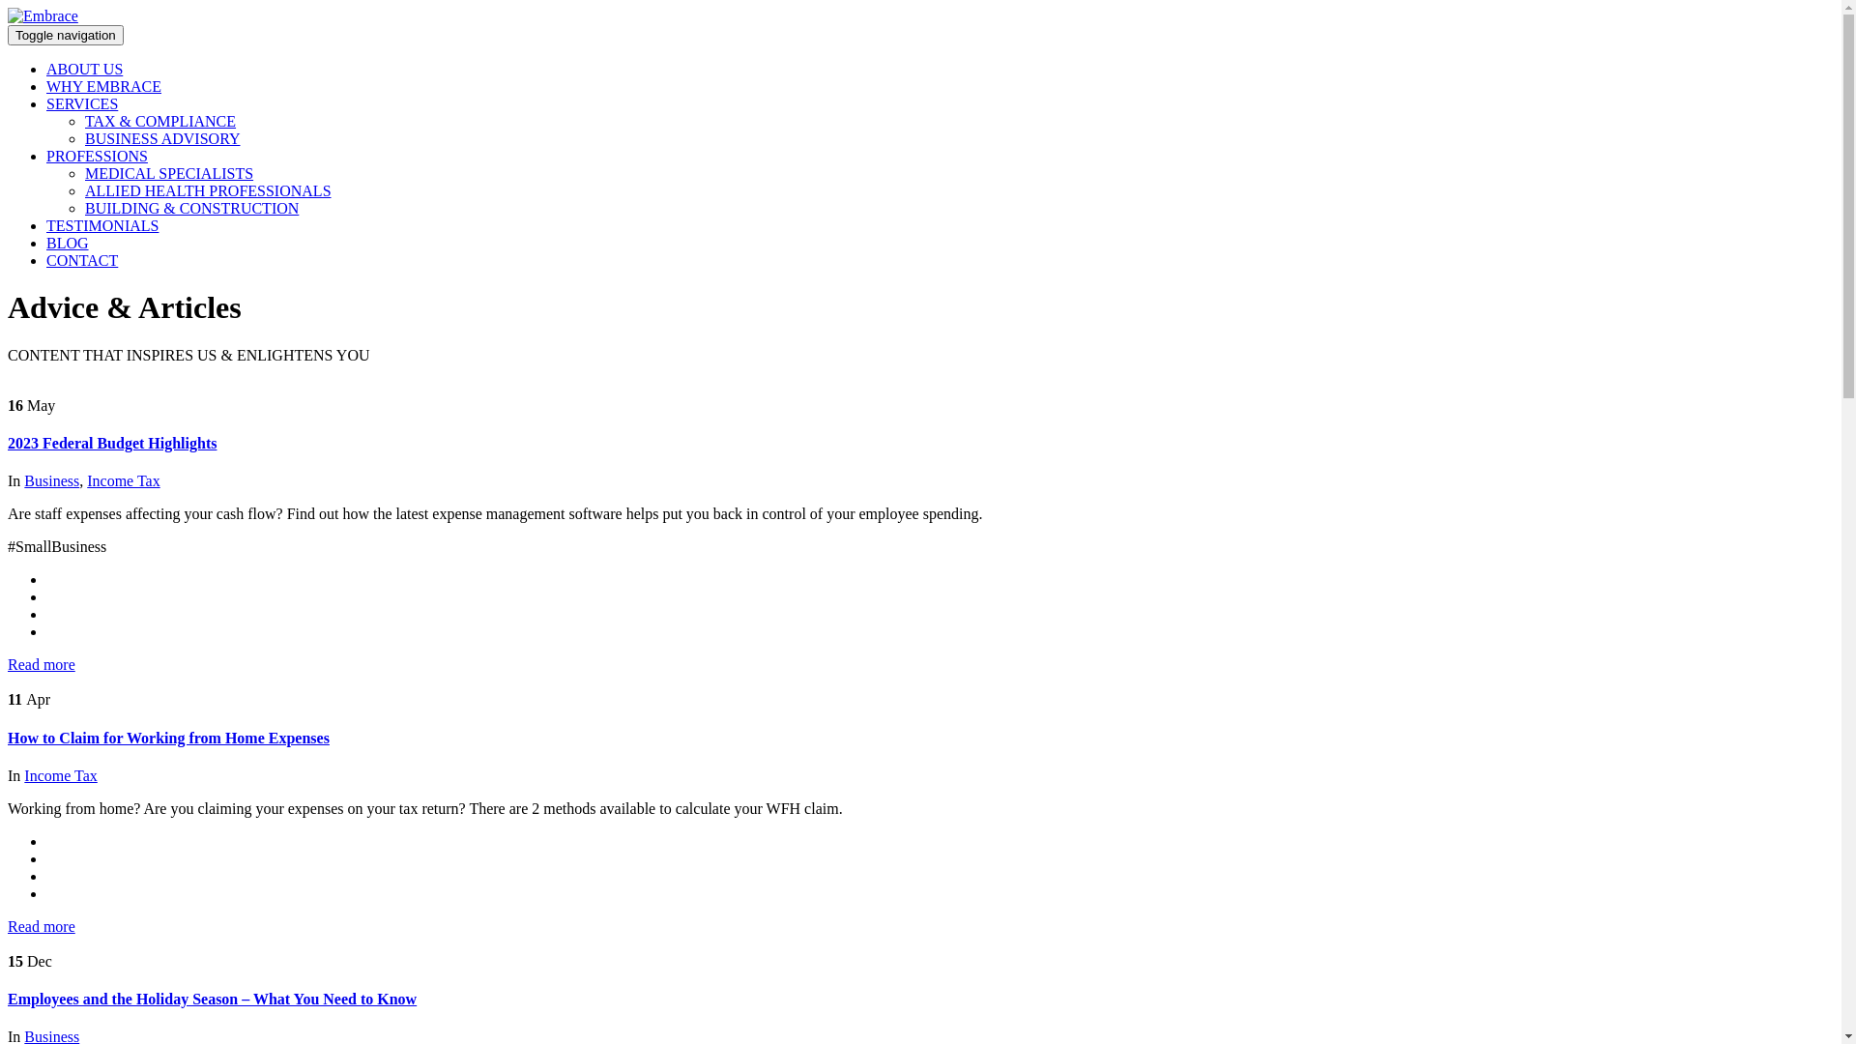  Describe the element at coordinates (208, 190) in the screenshot. I see `'ALLIED HEALTH PROFESSIONALS'` at that location.